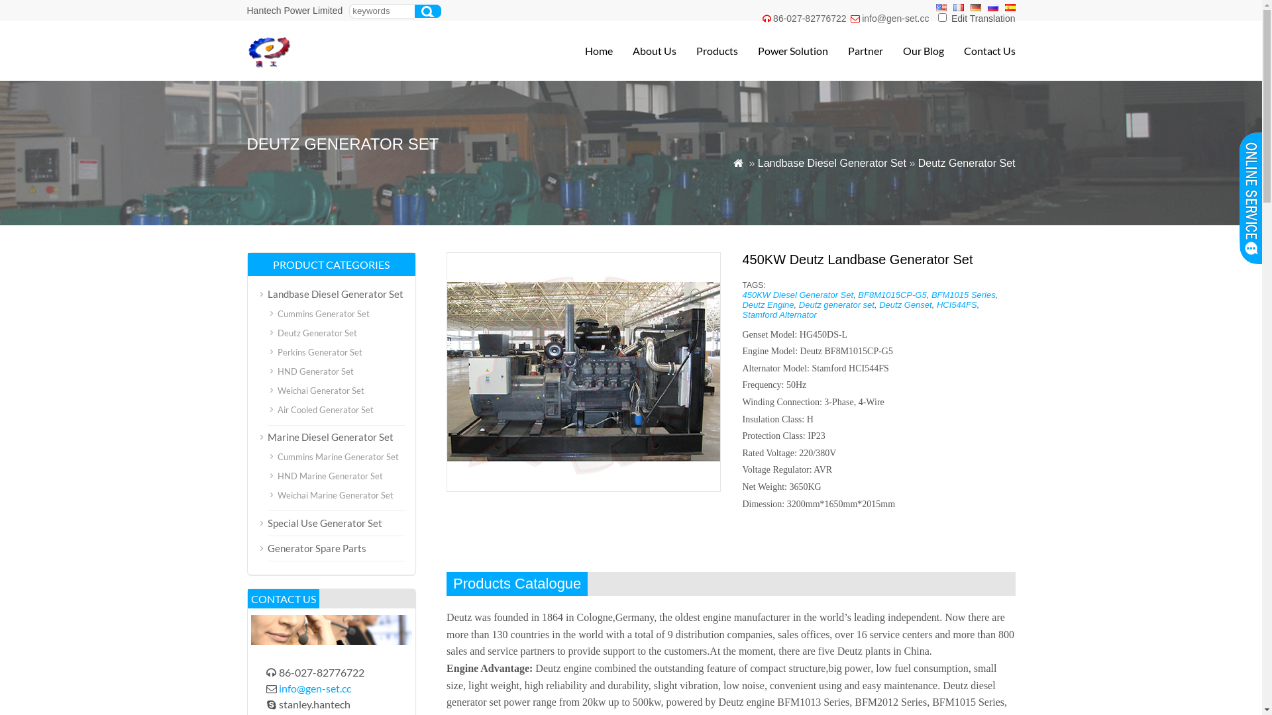  I want to click on '1', so click(937, 17).